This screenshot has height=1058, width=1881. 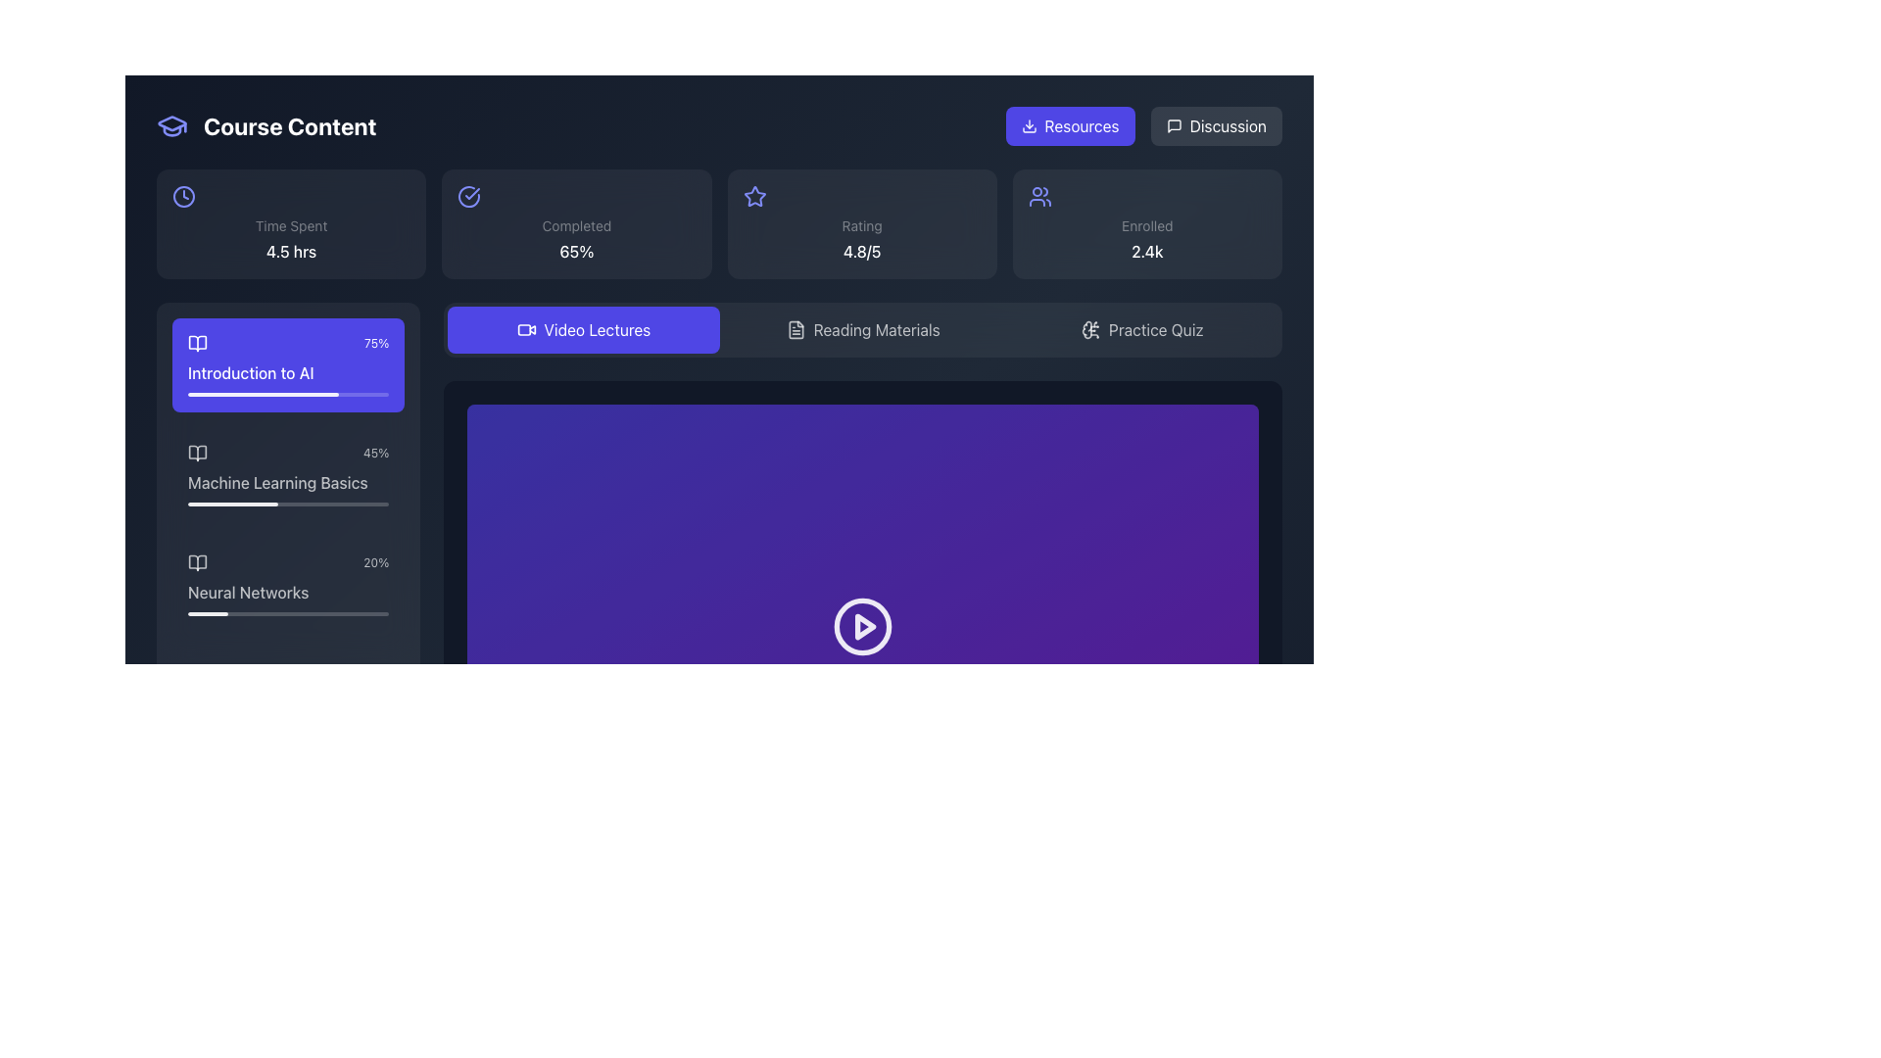 What do you see at coordinates (1174, 125) in the screenshot?
I see `the chat bubble icon in the top-right corner of the interface, which represents messaging functionality` at bounding box center [1174, 125].